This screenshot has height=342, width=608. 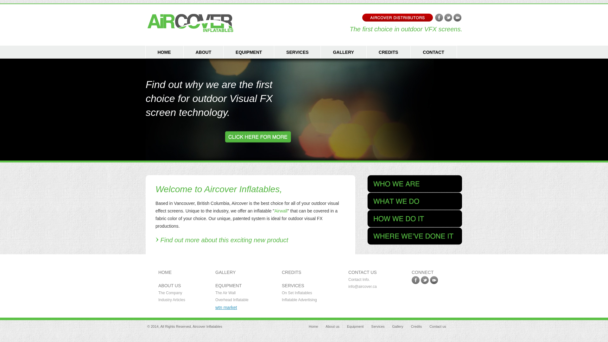 What do you see at coordinates (231, 300) in the screenshot?
I see `'Overhead Inflatable'` at bounding box center [231, 300].